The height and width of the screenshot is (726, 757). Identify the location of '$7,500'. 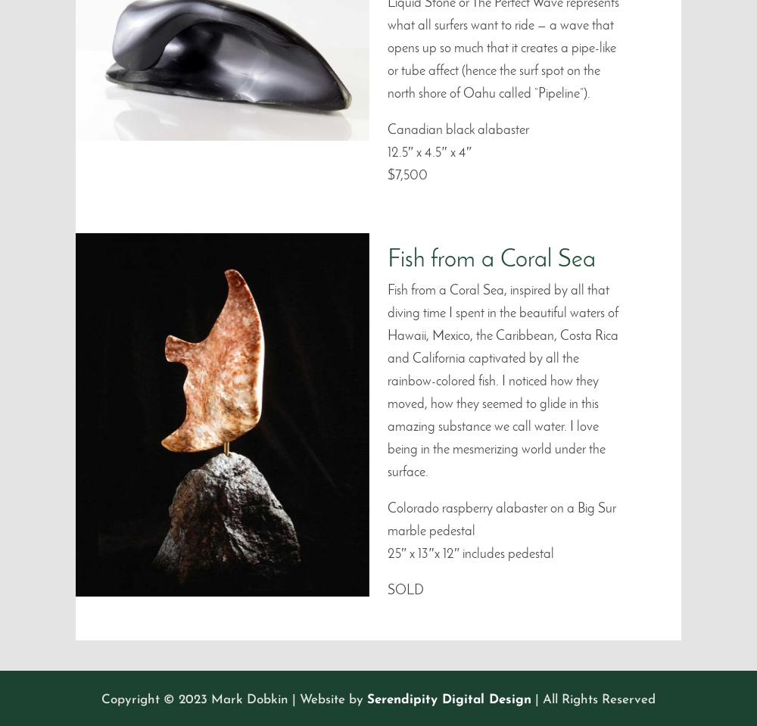
(388, 175).